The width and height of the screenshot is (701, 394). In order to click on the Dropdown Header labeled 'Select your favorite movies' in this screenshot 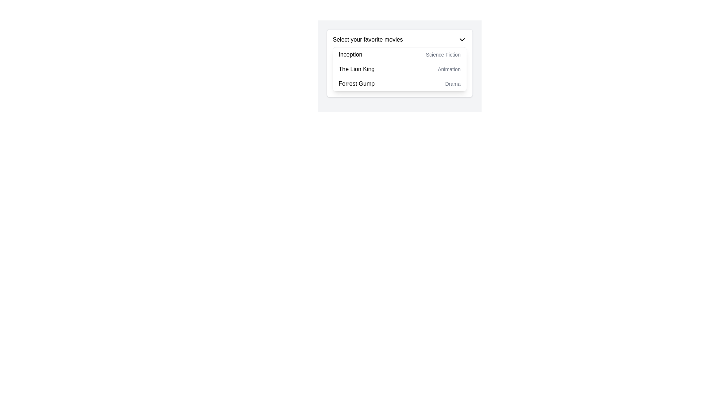, I will do `click(399, 39)`.